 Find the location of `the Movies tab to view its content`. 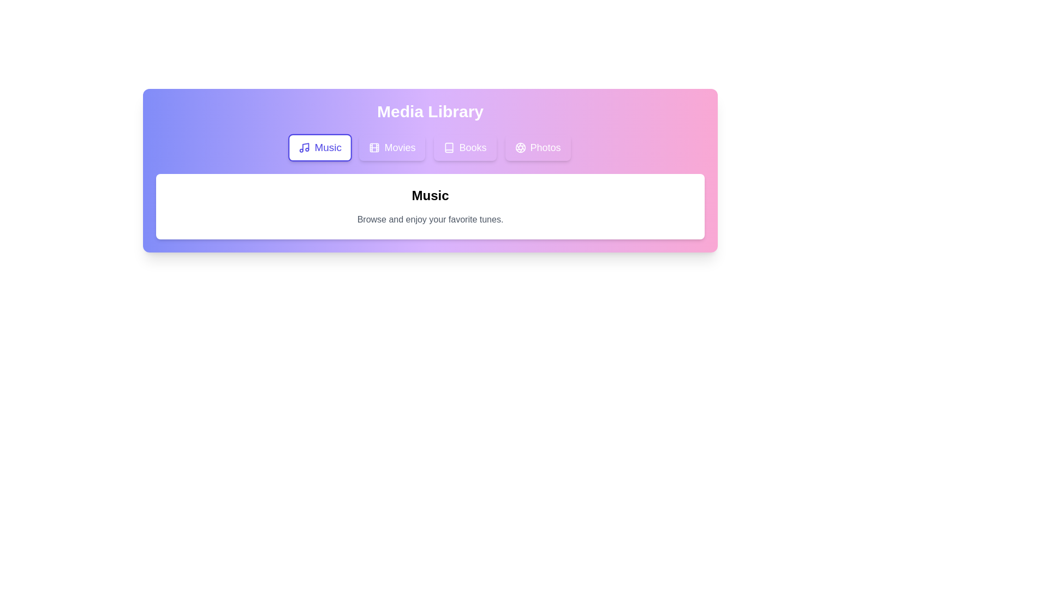

the Movies tab to view its content is located at coordinates (392, 147).